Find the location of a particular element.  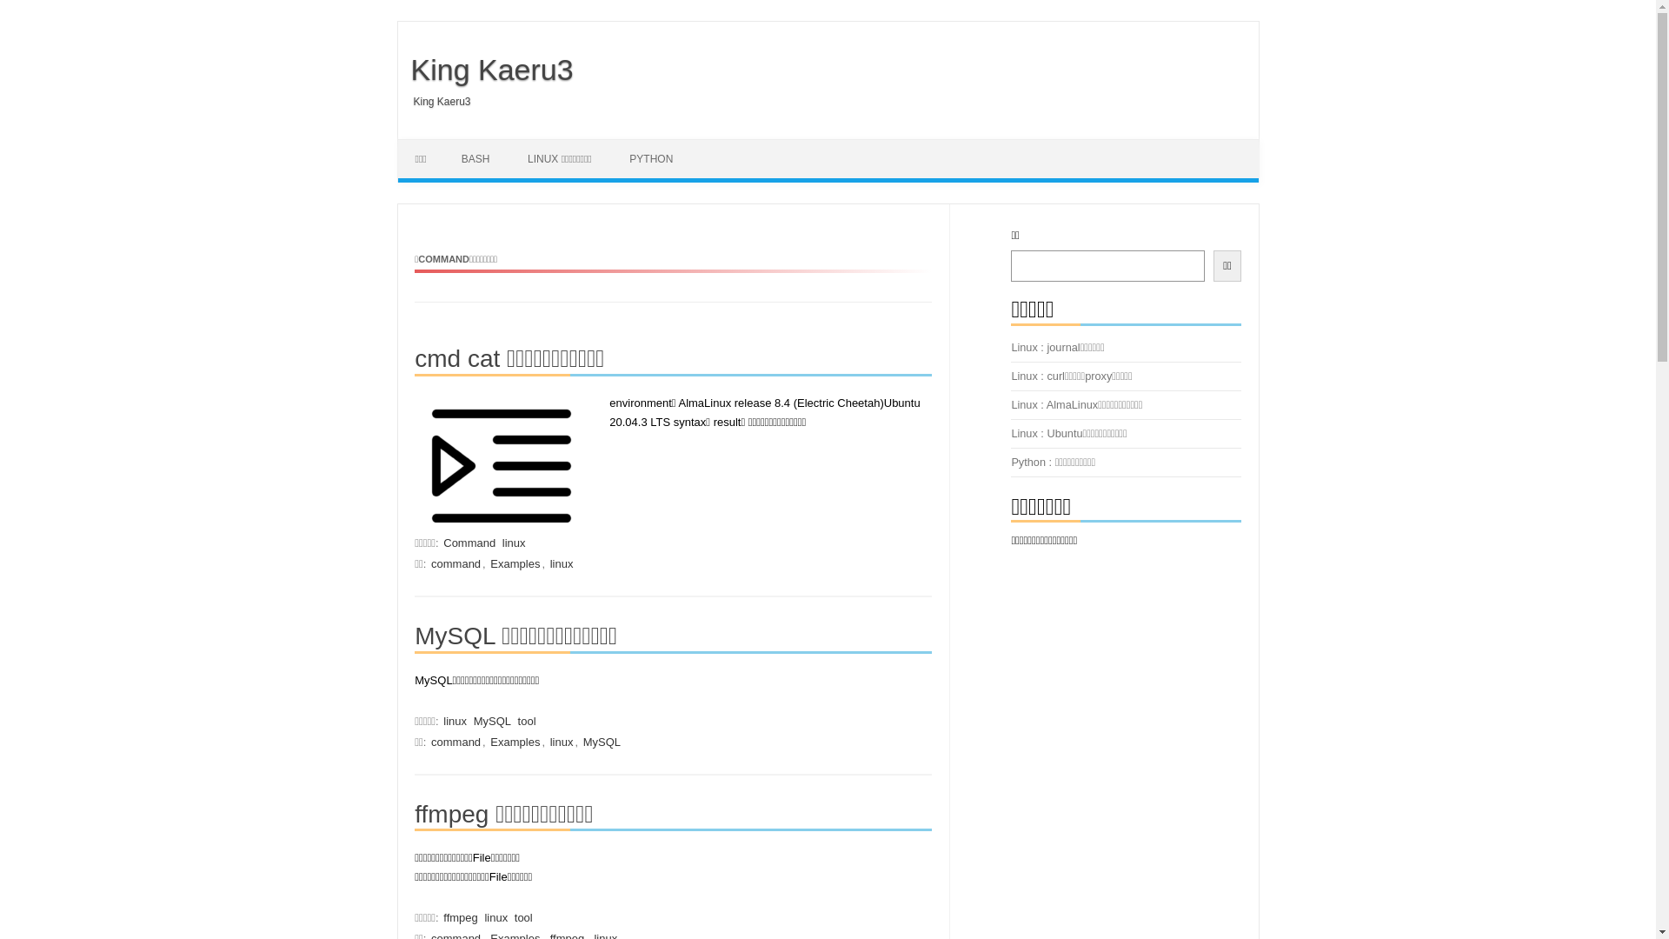

'linux' is located at coordinates (495, 916).